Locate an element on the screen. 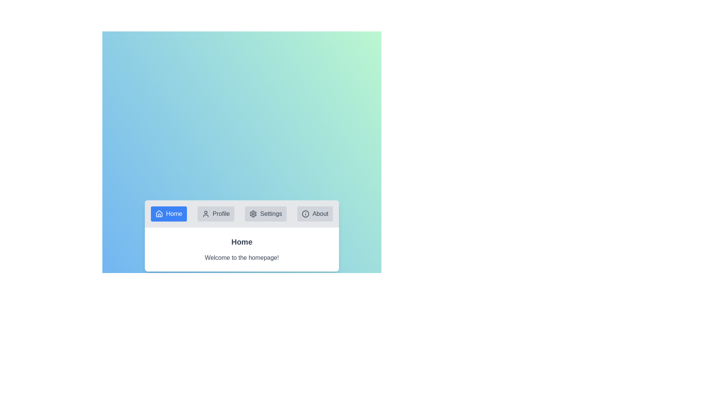 The height and width of the screenshot is (409, 728). the Profile tab by clicking on it is located at coordinates (215, 214).